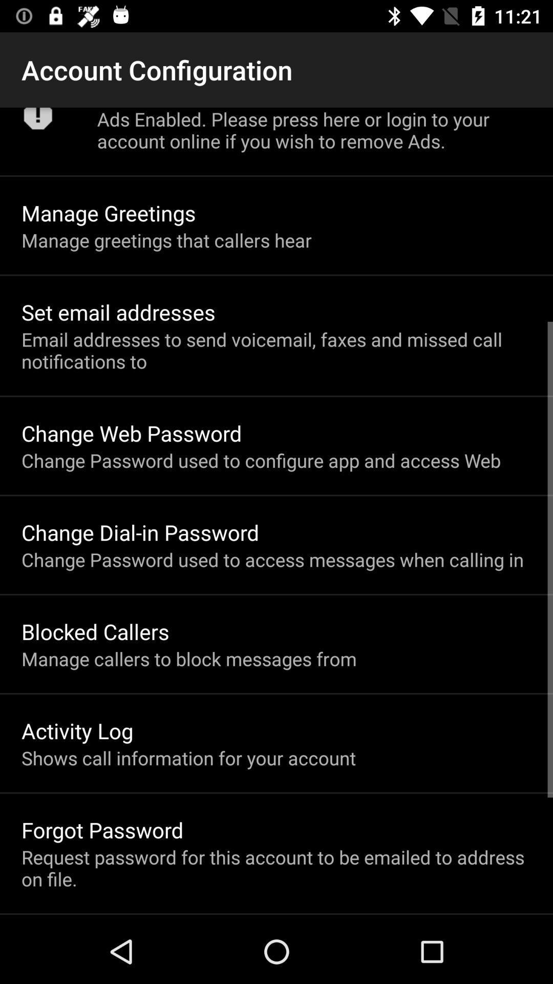 This screenshot has width=553, height=984. Describe the element at coordinates (276, 867) in the screenshot. I see `the request password for icon` at that location.